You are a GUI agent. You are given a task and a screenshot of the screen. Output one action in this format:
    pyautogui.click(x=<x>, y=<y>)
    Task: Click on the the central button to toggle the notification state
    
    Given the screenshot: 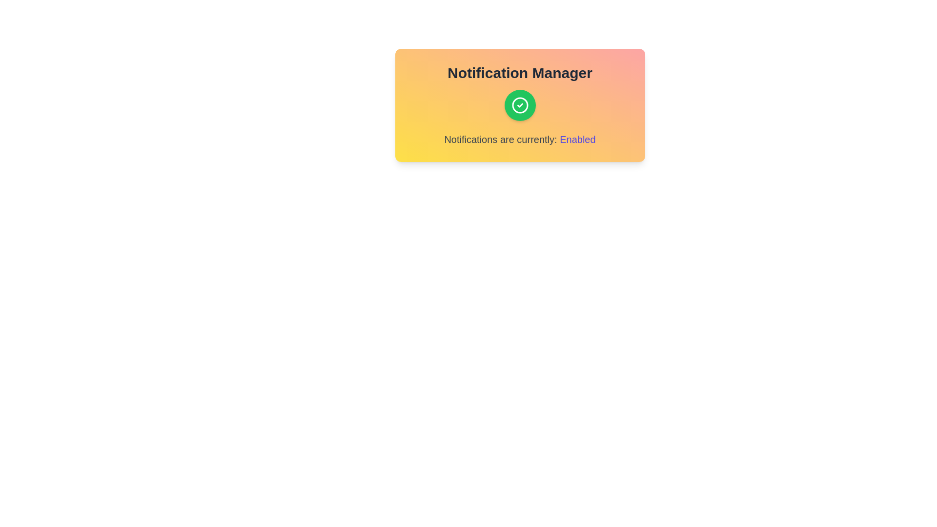 What is the action you would take?
    pyautogui.click(x=519, y=105)
    